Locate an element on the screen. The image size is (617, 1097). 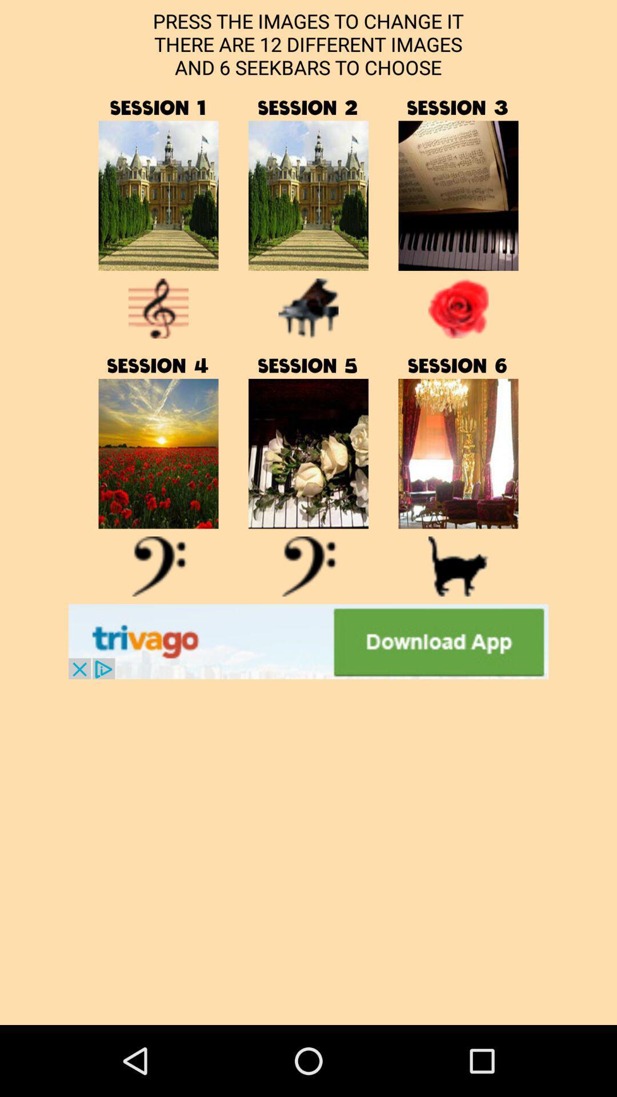
sesson 4 button is located at coordinates (158, 453).